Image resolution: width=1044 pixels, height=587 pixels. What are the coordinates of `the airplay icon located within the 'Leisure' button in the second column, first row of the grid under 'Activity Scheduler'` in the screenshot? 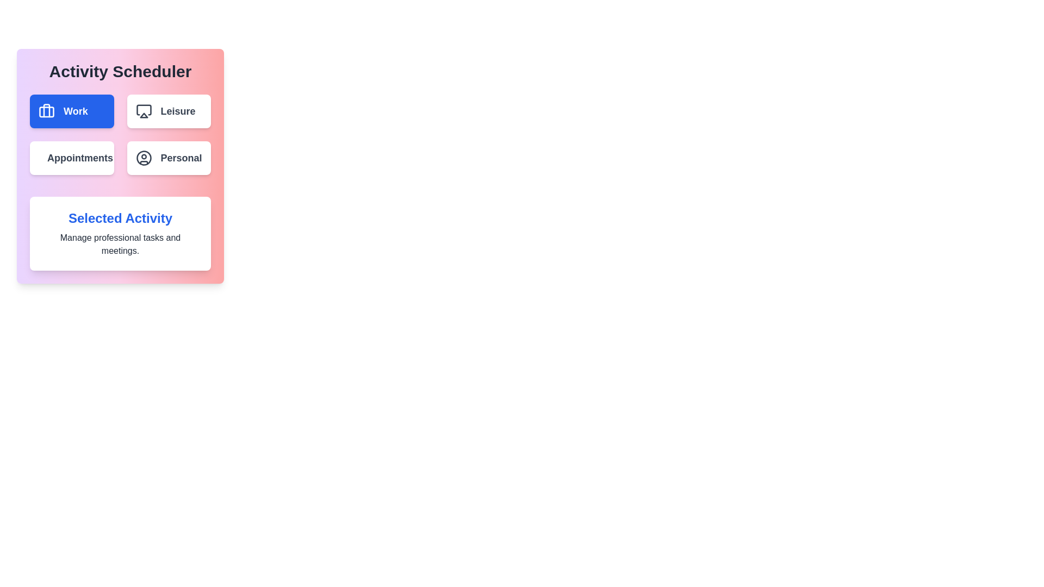 It's located at (143, 111).